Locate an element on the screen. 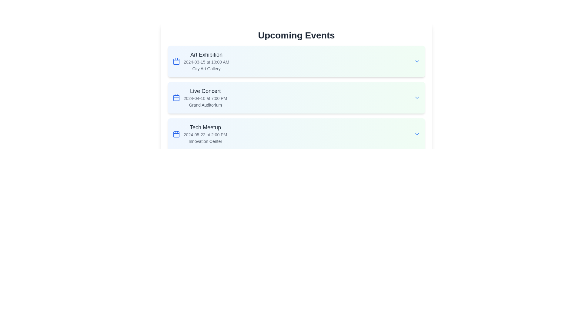  the third list item representing the event 'Tech Meetup' located under the 'Upcoming Events' header is located at coordinates (200, 134).